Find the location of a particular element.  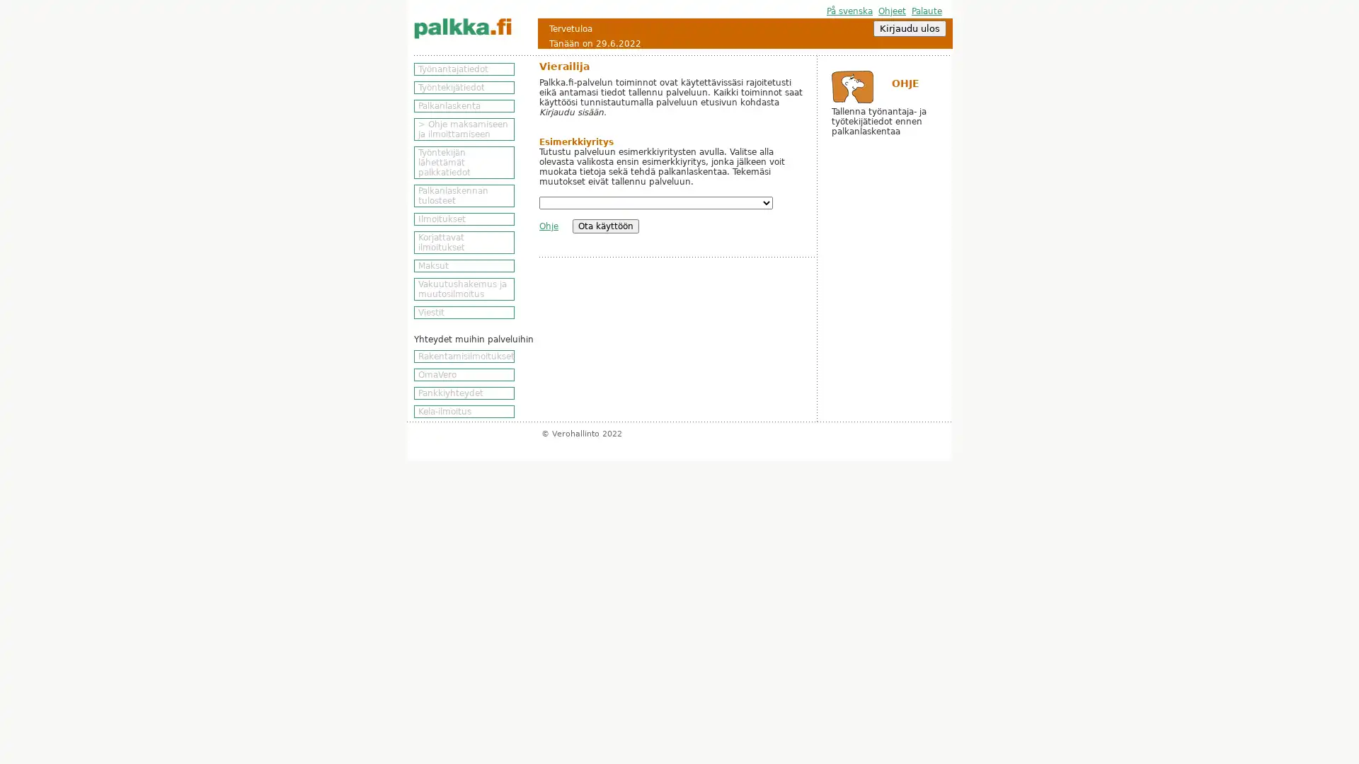

Ota kayttoon is located at coordinates (605, 225).